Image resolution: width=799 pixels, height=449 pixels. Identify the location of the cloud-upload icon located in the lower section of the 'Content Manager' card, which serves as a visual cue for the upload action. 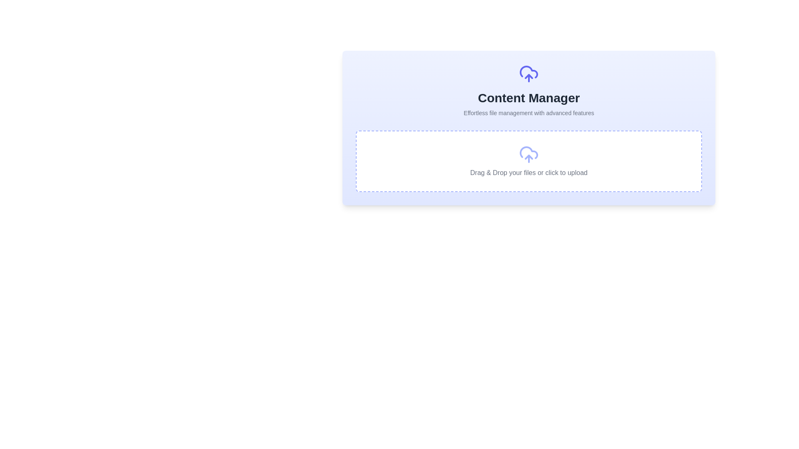
(529, 157).